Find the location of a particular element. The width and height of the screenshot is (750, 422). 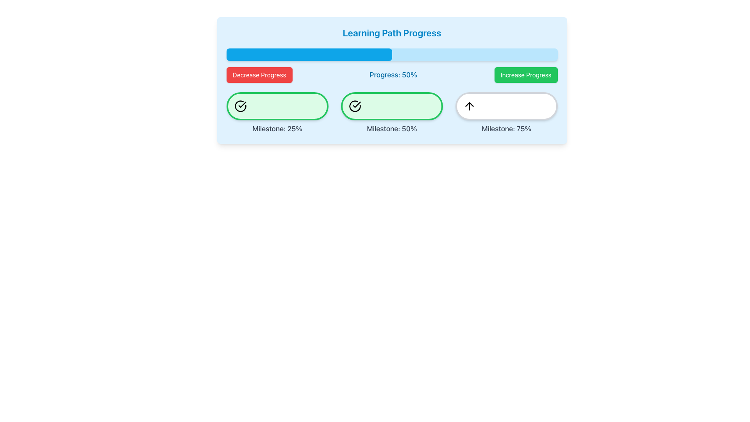

the circular icon with a checkmark inside, which is styled with a black outline and a light green background, located in the second green circular milestone indicator for 'Milestone: 50%.' is located at coordinates (354, 106).